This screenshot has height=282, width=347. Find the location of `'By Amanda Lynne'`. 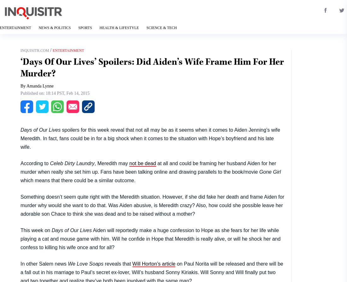

'By Amanda Lynne' is located at coordinates (37, 86).